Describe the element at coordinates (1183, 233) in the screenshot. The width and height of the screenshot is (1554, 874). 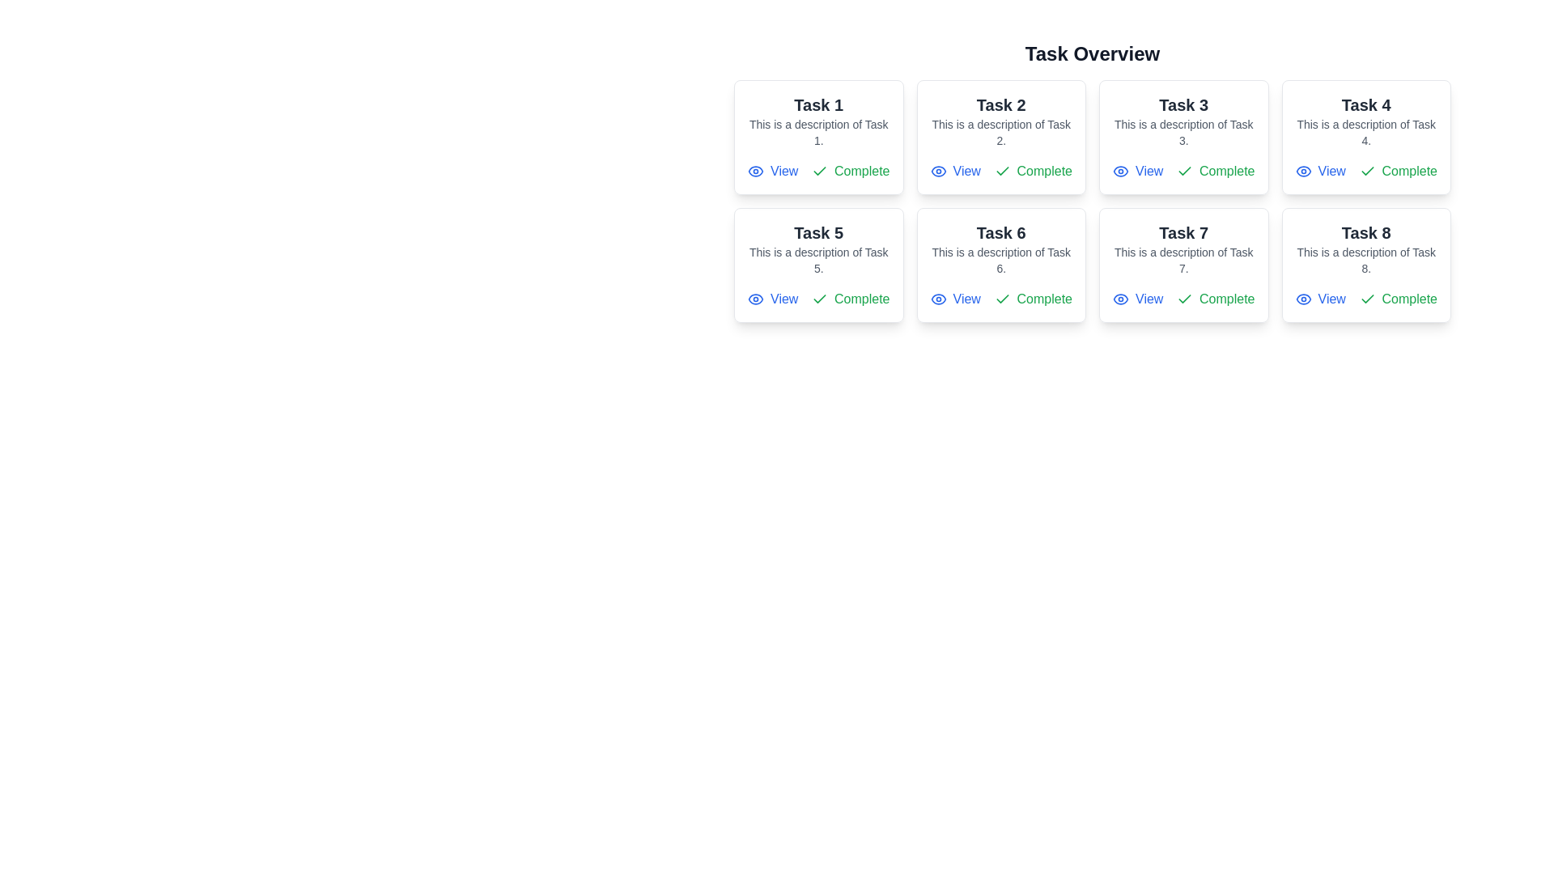
I see `the Text Label that serves as the title or heading of the card, located in the second row and third column of the grid layout` at that location.